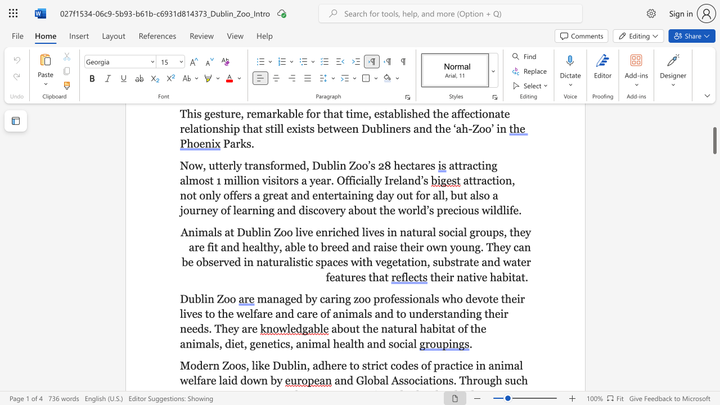 The width and height of the screenshot is (720, 405). Describe the element at coordinates (354, 262) in the screenshot. I see `the 1th character "w" in the text` at that location.